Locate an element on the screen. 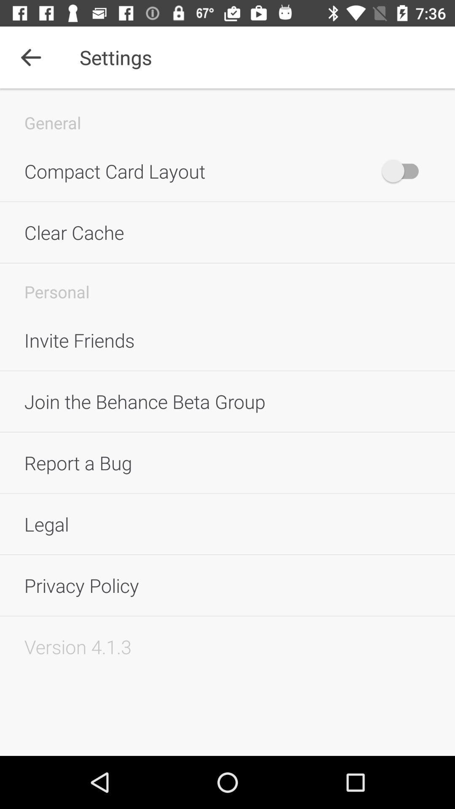 This screenshot has width=455, height=809. the icon below the personal icon is located at coordinates (227, 340).